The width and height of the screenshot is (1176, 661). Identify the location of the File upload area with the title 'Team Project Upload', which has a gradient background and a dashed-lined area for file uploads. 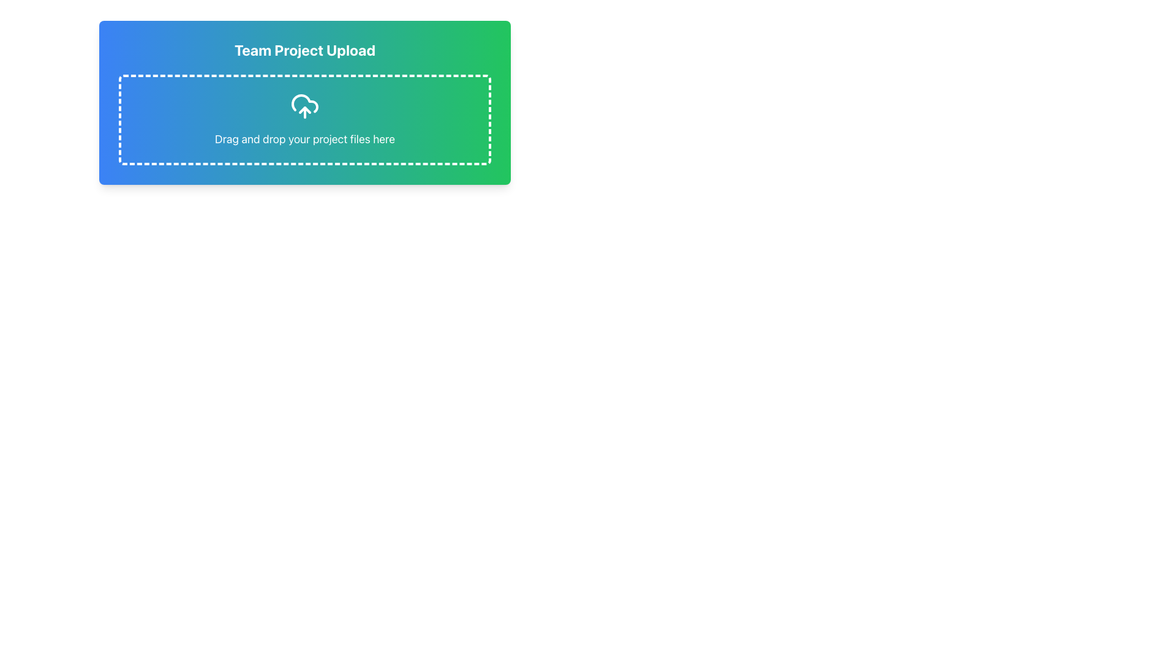
(305, 102).